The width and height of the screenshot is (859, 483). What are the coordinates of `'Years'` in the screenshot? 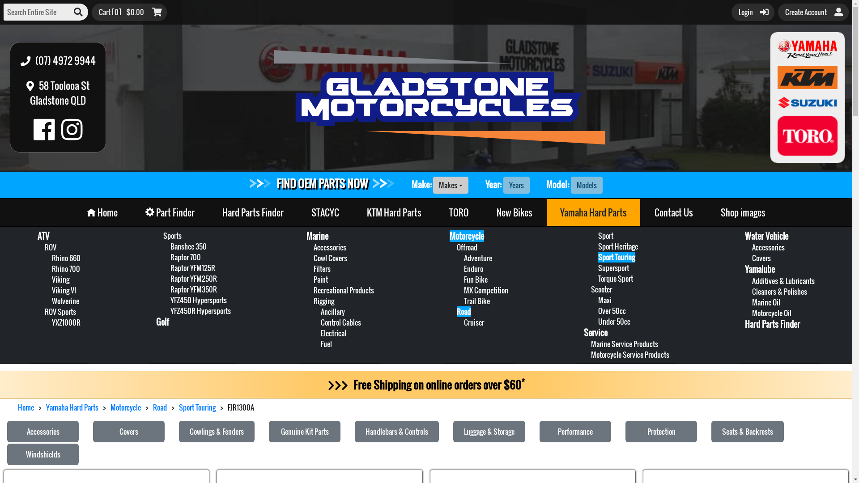 It's located at (516, 184).